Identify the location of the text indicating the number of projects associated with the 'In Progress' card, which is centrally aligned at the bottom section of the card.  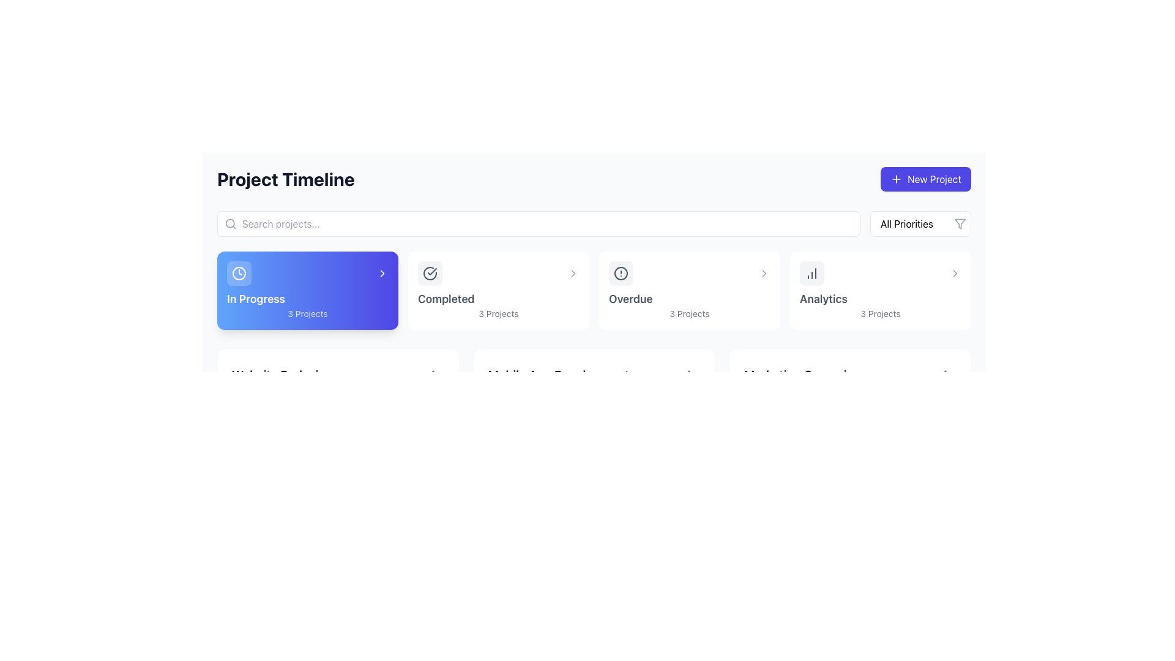
(308, 313).